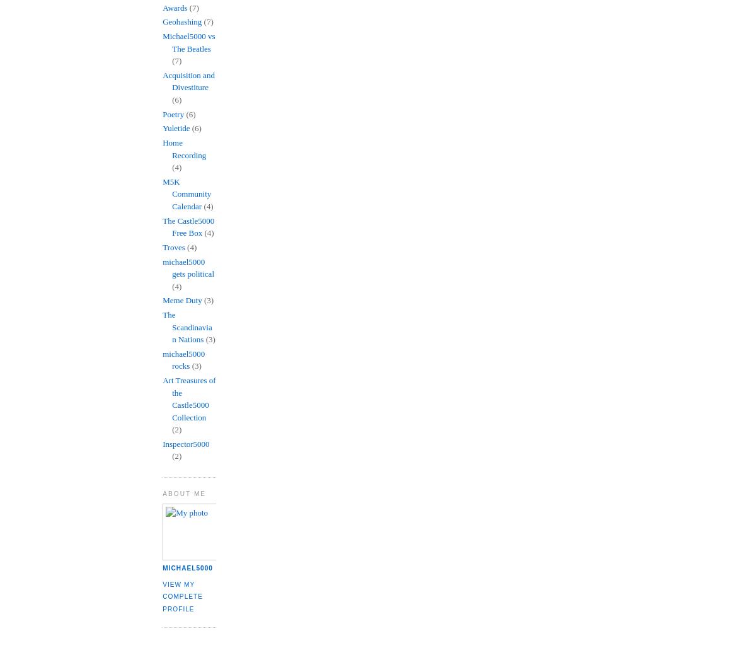  Describe the element at coordinates (188, 398) in the screenshot. I see `'Art Treasures of the Castle5000 Collection'` at that location.